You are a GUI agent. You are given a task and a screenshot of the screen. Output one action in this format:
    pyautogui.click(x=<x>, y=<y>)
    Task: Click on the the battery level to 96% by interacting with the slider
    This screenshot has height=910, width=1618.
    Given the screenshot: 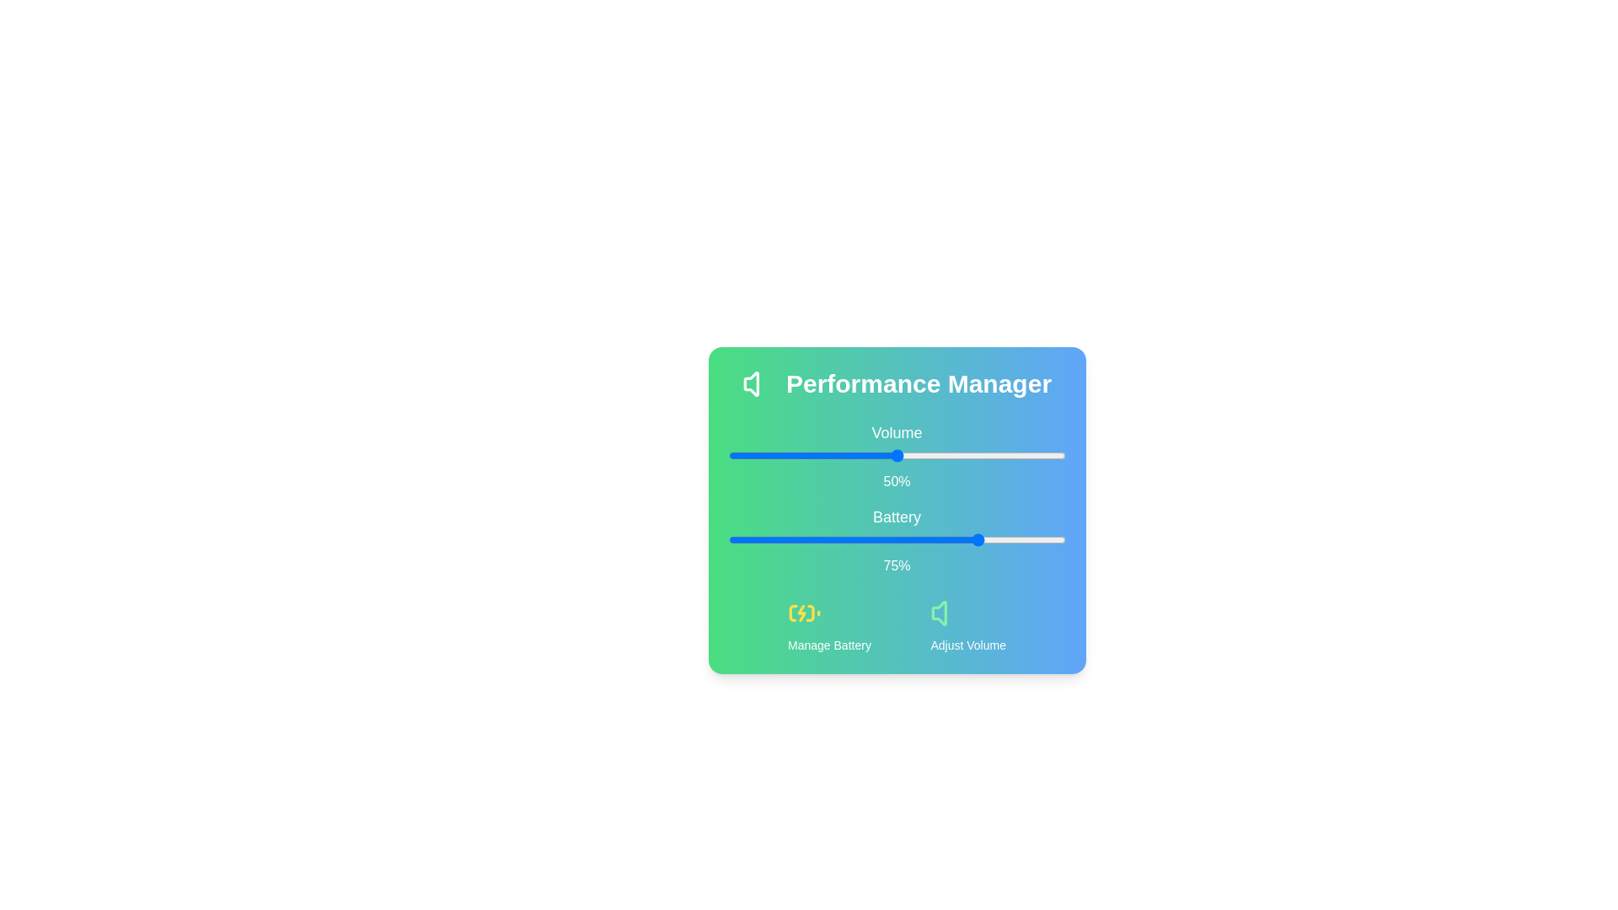 What is the action you would take?
    pyautogui.click(x=1051, y=539)
    